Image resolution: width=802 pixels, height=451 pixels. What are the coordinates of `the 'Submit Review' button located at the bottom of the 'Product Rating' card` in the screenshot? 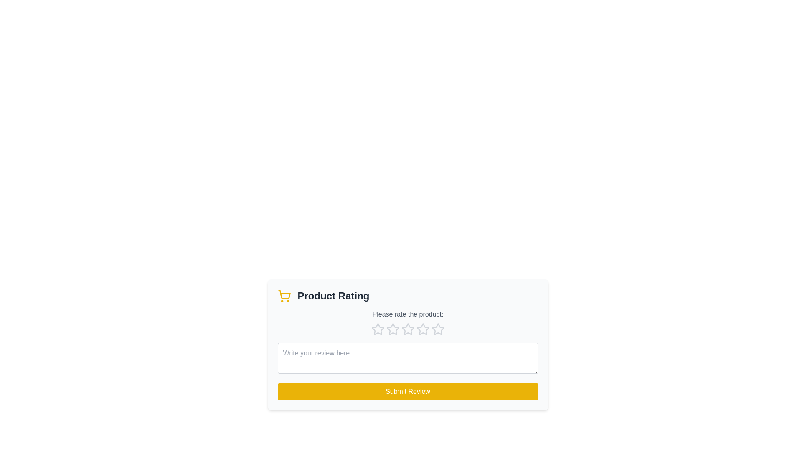 It's located at (408, 391).